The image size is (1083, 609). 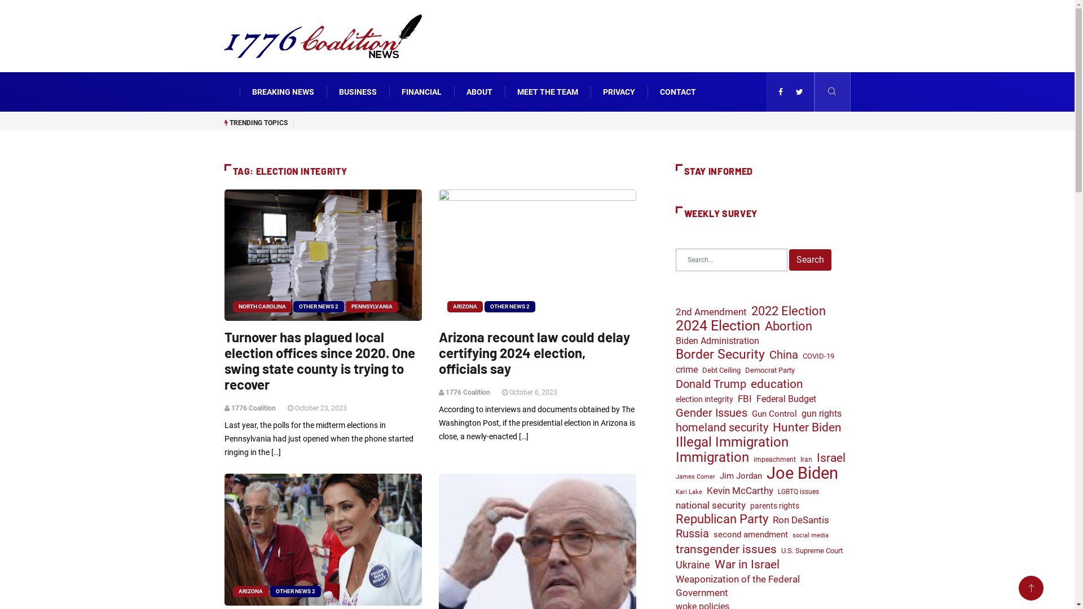 What do you see at coordinates (797, 491) in the screenshot?
I see `'LGBTQ issues'` at bounding box center [797, 491].